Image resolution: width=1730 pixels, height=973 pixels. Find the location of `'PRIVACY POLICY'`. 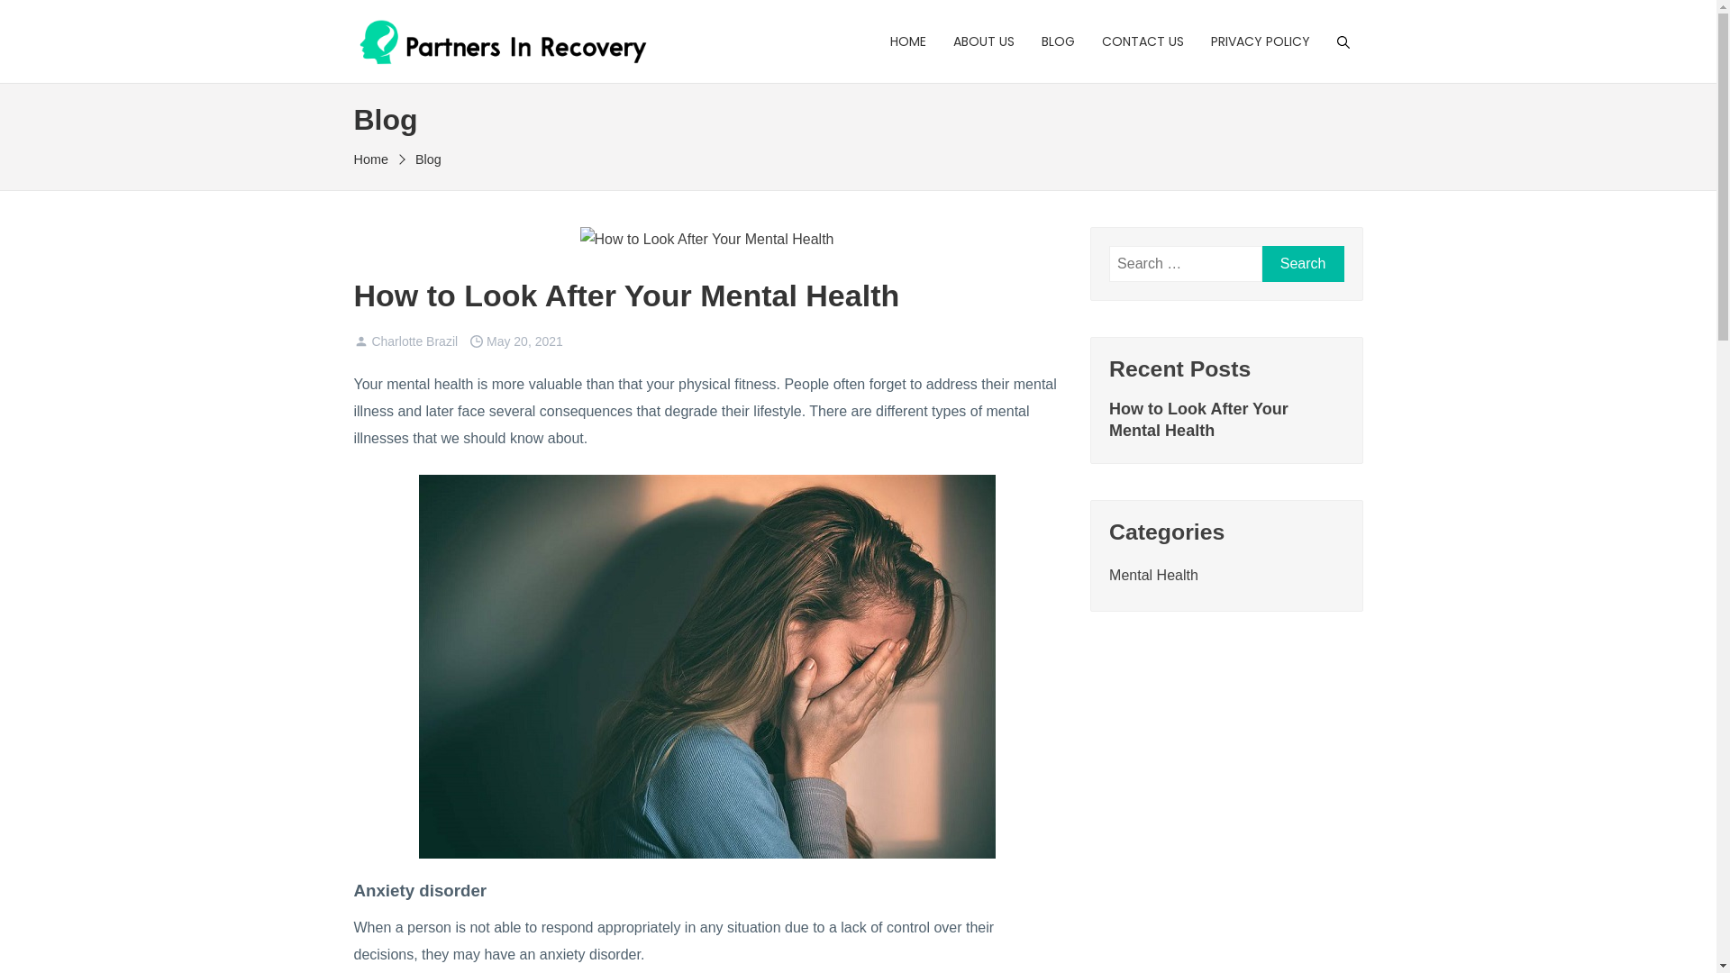

'PRIVACY POLICY' is located at coordinates (1258, 41).